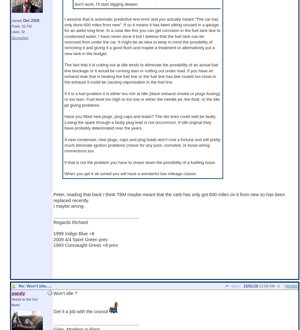 This screenshot has width=300, height=330. Describe the element at coordinates (85, 245) in the screenshot. I see `'1993 Connaught Green +8  prev'` at that location.